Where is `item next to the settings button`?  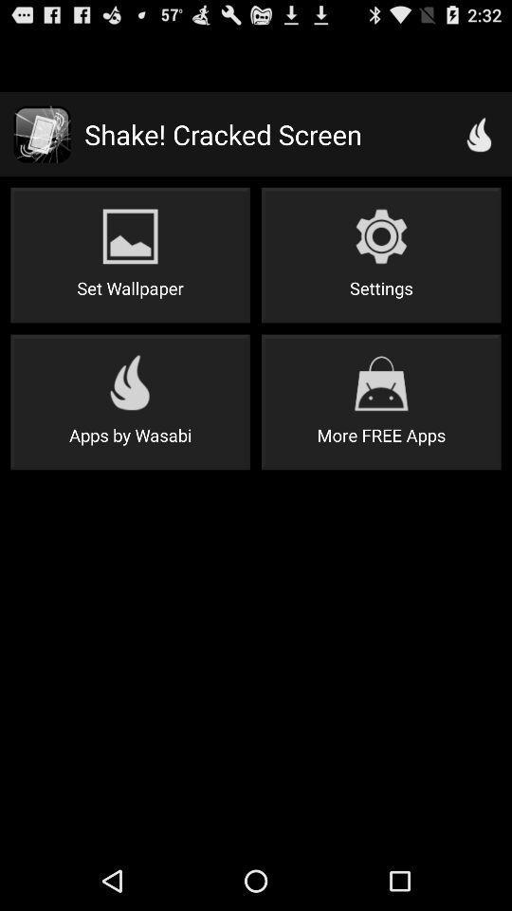
item next to the settings button is located at coordinates (129, 254).